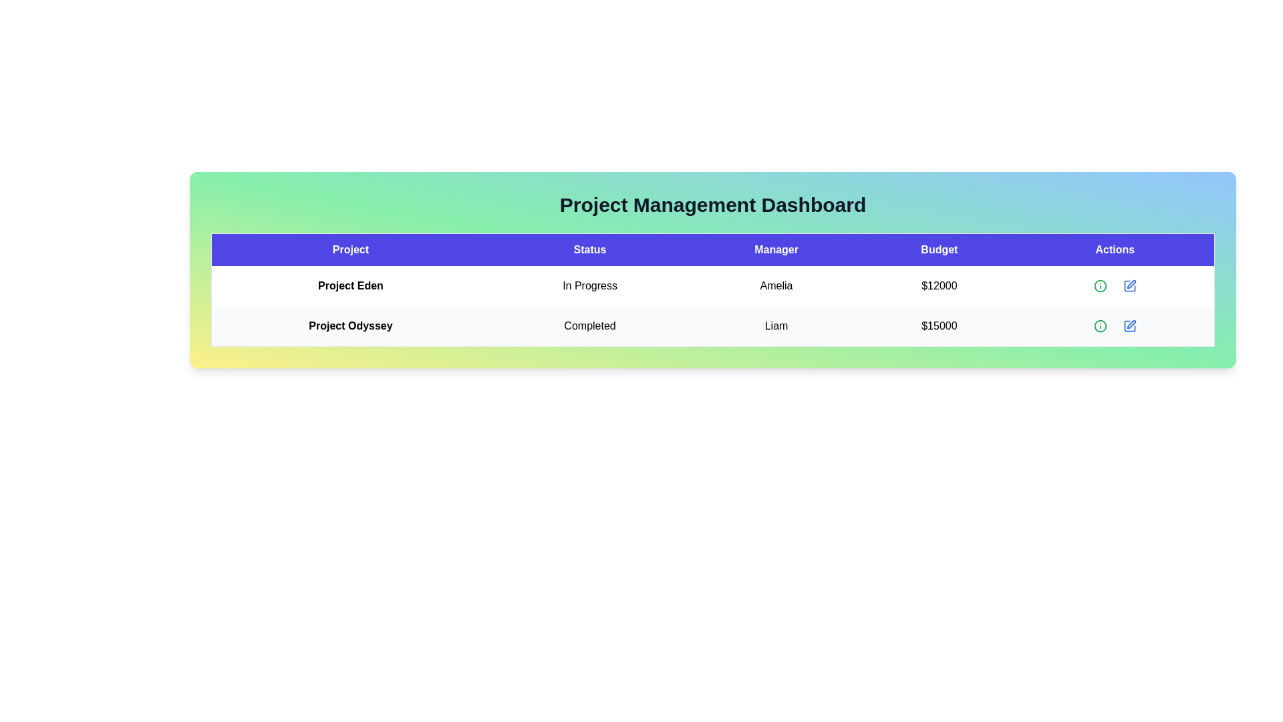  Describe the element at coordinates (1129, 326) in the screenshot. I see `the pen icon inside the rounded button located in the 'Actions' column of the second row of the table` at that location.